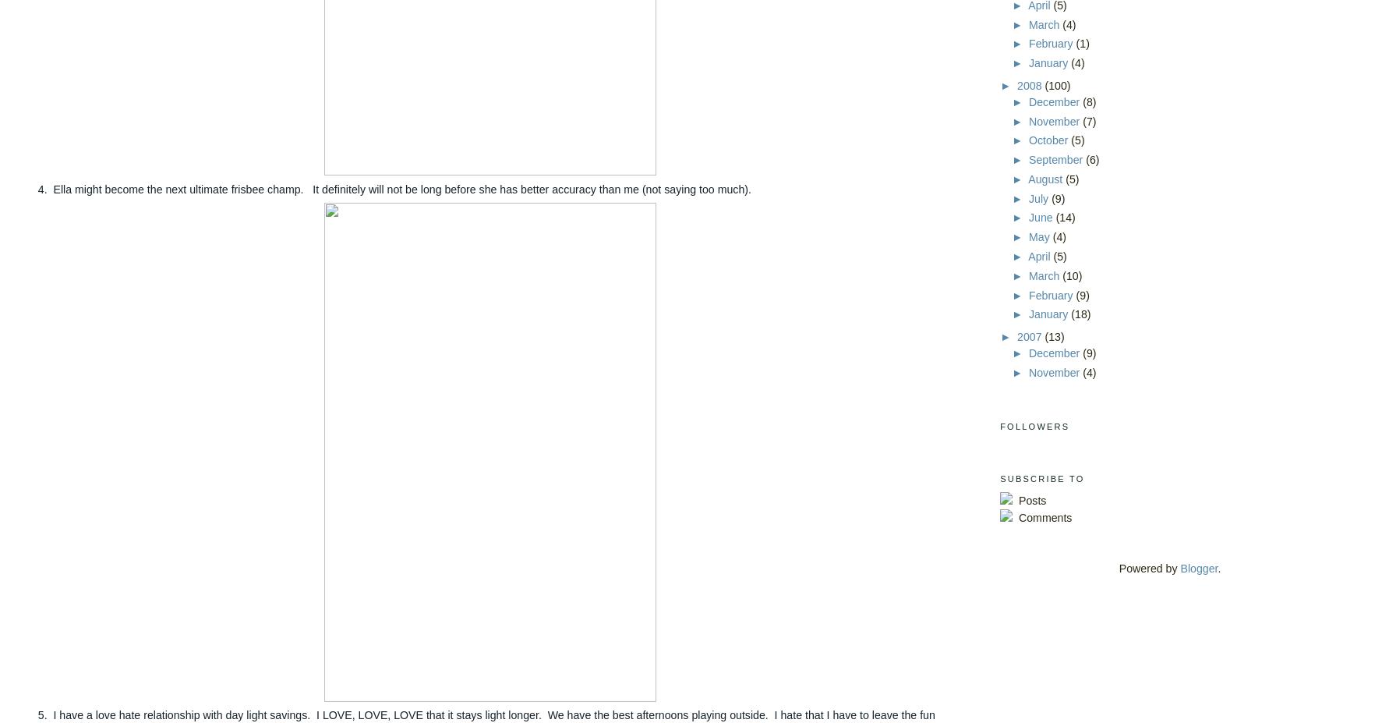  What do you see at coordinates (1049, 140) in the screenshot?
I see `'October'` at bounding box center [1049, 140].